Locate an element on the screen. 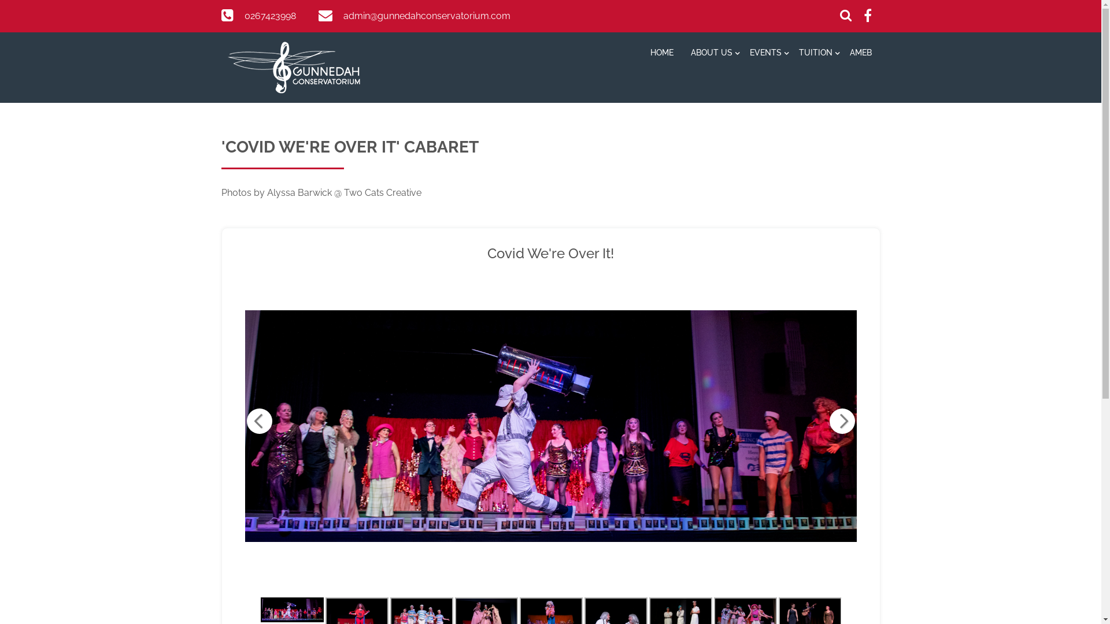  '0267423998' is located at coordinates (269, 16).